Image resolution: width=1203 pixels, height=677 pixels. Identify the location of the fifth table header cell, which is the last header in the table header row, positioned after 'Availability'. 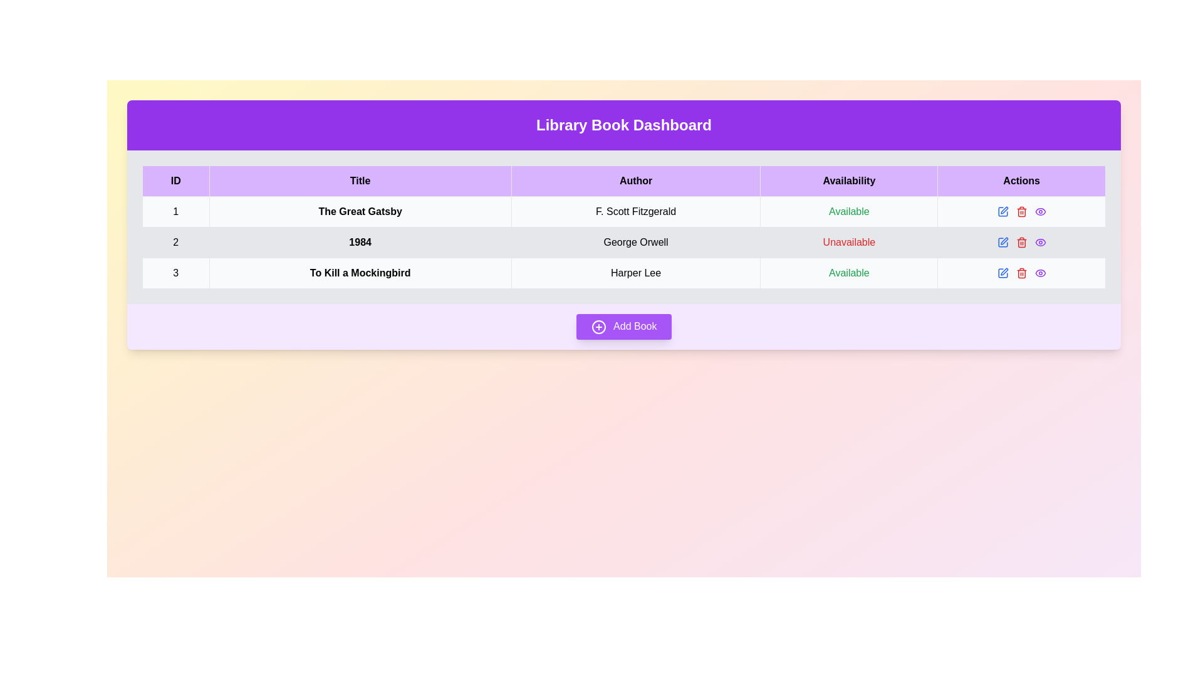
(1021, 181).